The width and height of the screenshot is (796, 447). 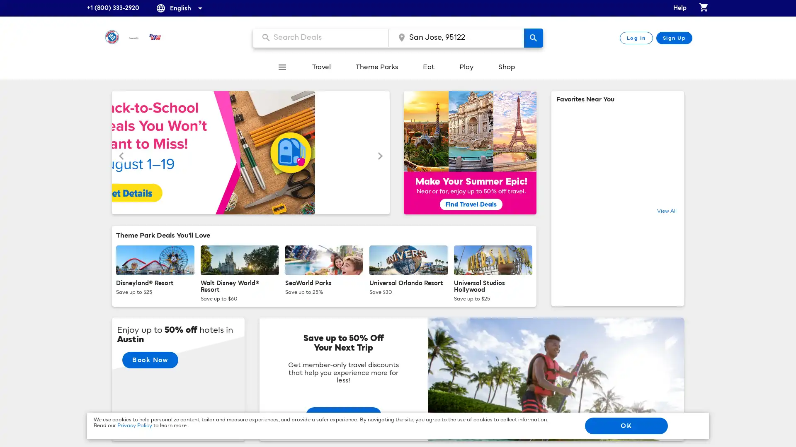 What do you see at coordinates (674, 38) in the screenshot?
I see `Sign Up` at bounding box center [674, 38].